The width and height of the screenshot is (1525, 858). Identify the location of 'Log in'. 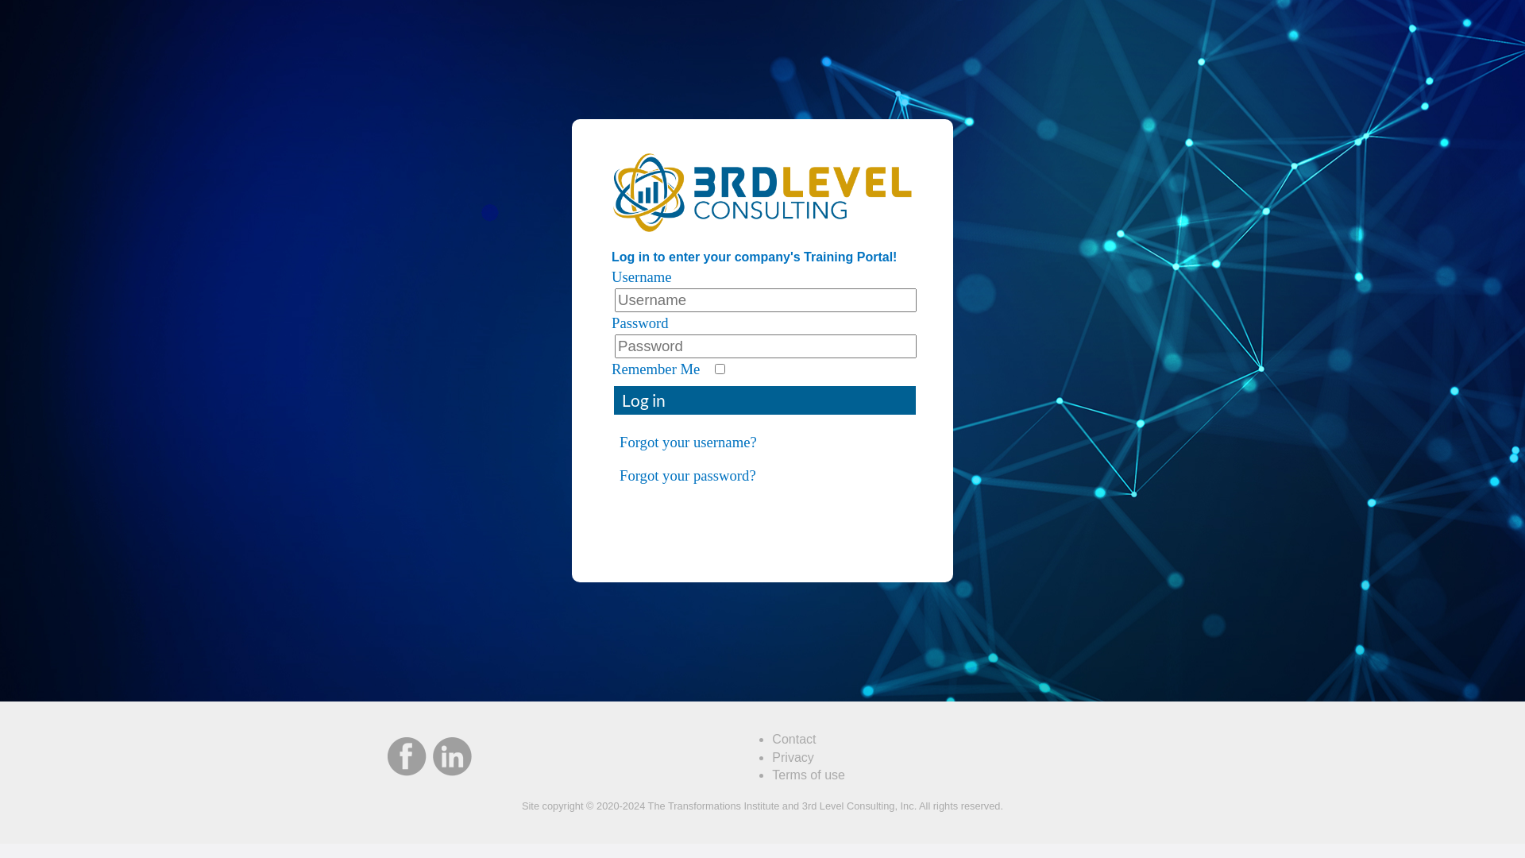
(765, 400).